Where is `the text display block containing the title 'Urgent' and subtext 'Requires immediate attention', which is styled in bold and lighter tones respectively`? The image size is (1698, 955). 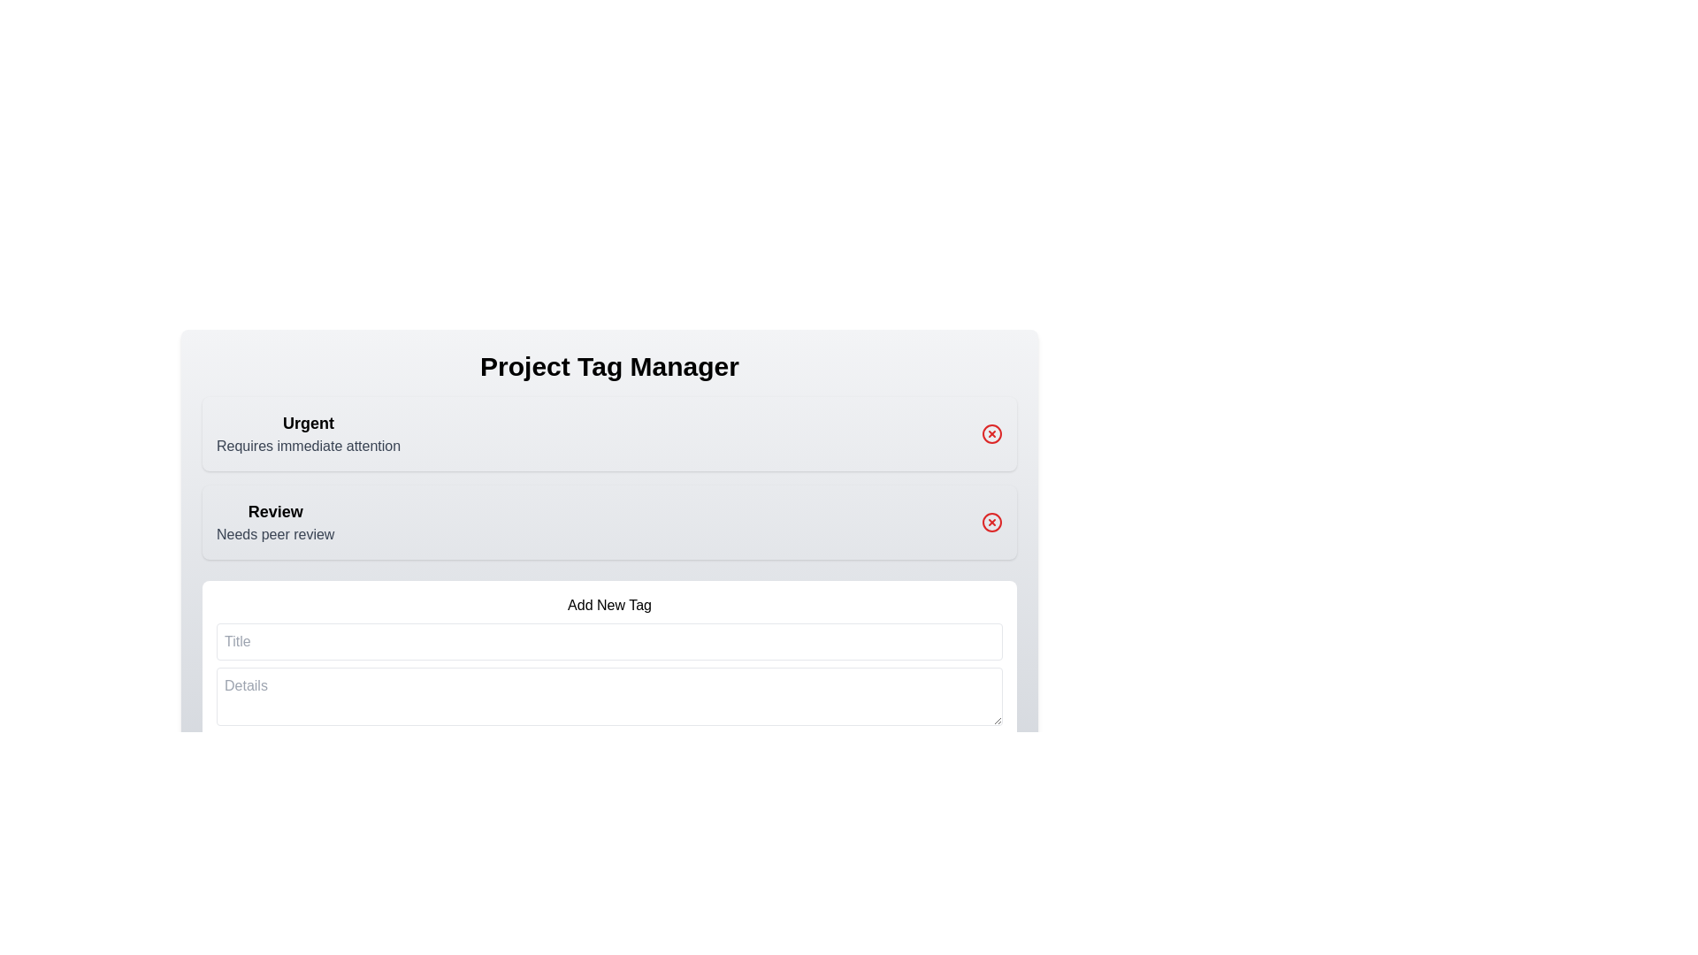
the text display block containing the title 'Urgent' and subtext 'Requires immediate attention', which is styled in bold and lighter tones respectively is located at coordinates (309, 433).